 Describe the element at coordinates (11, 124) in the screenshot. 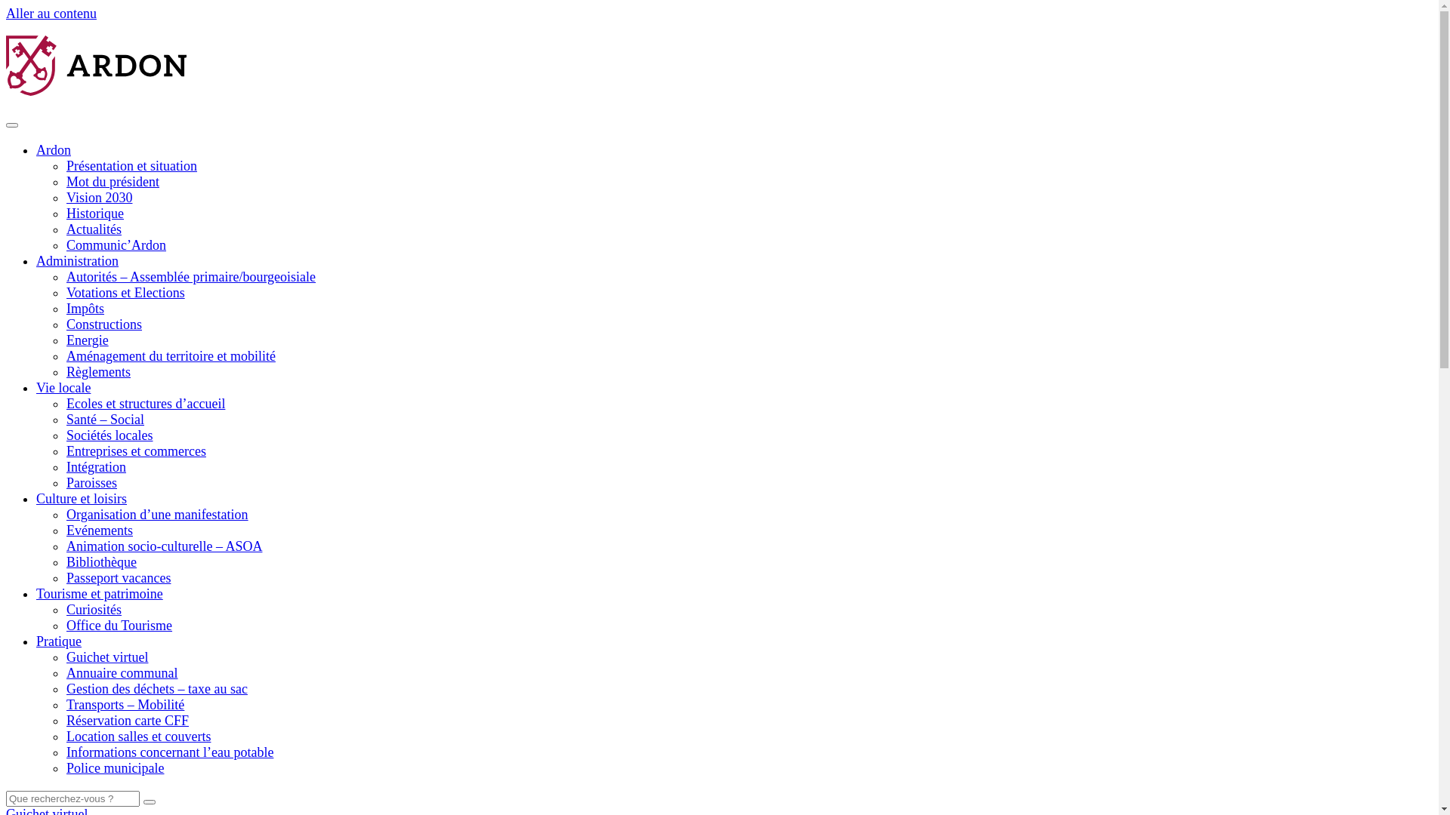

I see `'Menu principal'` at that location.